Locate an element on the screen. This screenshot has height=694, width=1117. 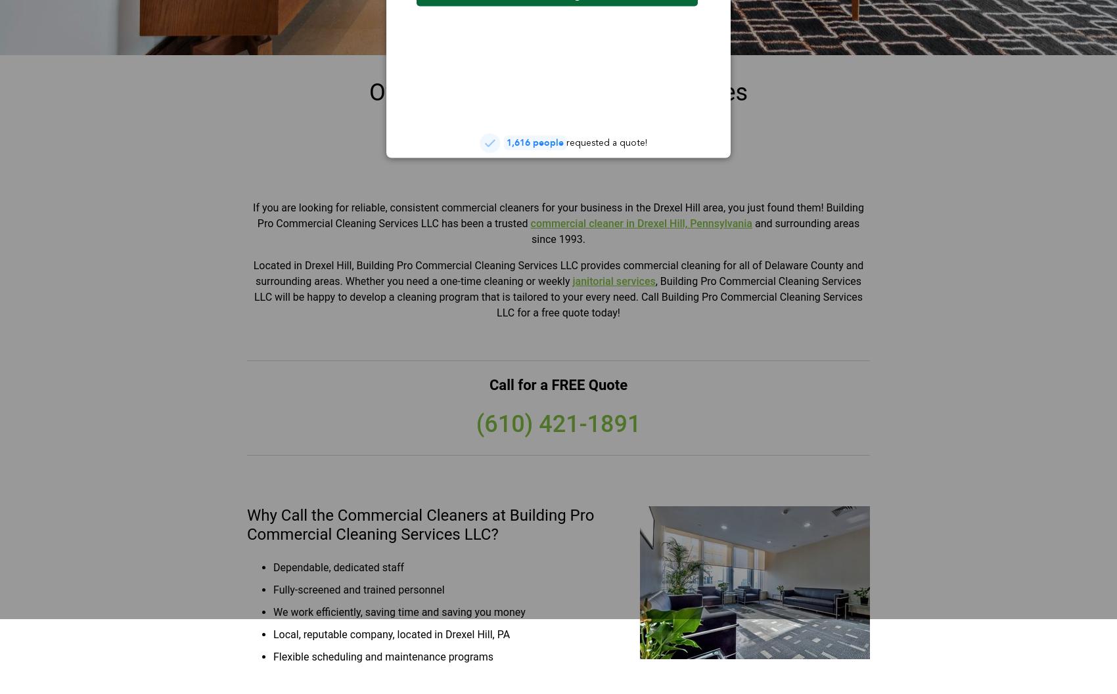
'Office Cleaning & Janitorial Services' is located at coordinates (557, 92).